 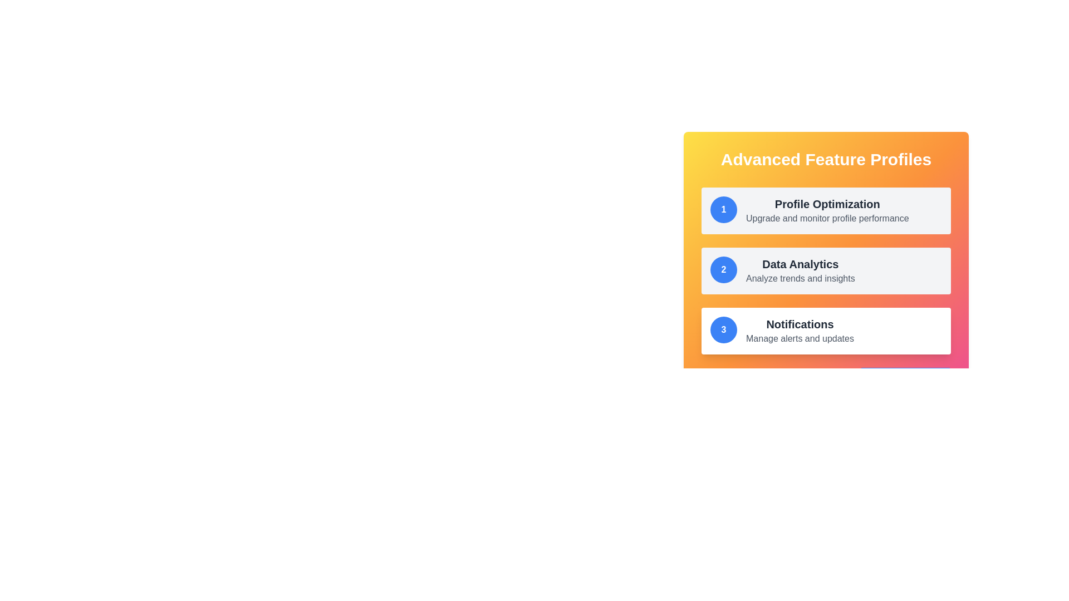 What do you see at coordinates (800, 278) in the screenshot?
I see `the informational text that displays 'Analyze trends and insights', located beneath the 'Data Analytics' heading within the feature cards list` at bounding box center [800, 278].